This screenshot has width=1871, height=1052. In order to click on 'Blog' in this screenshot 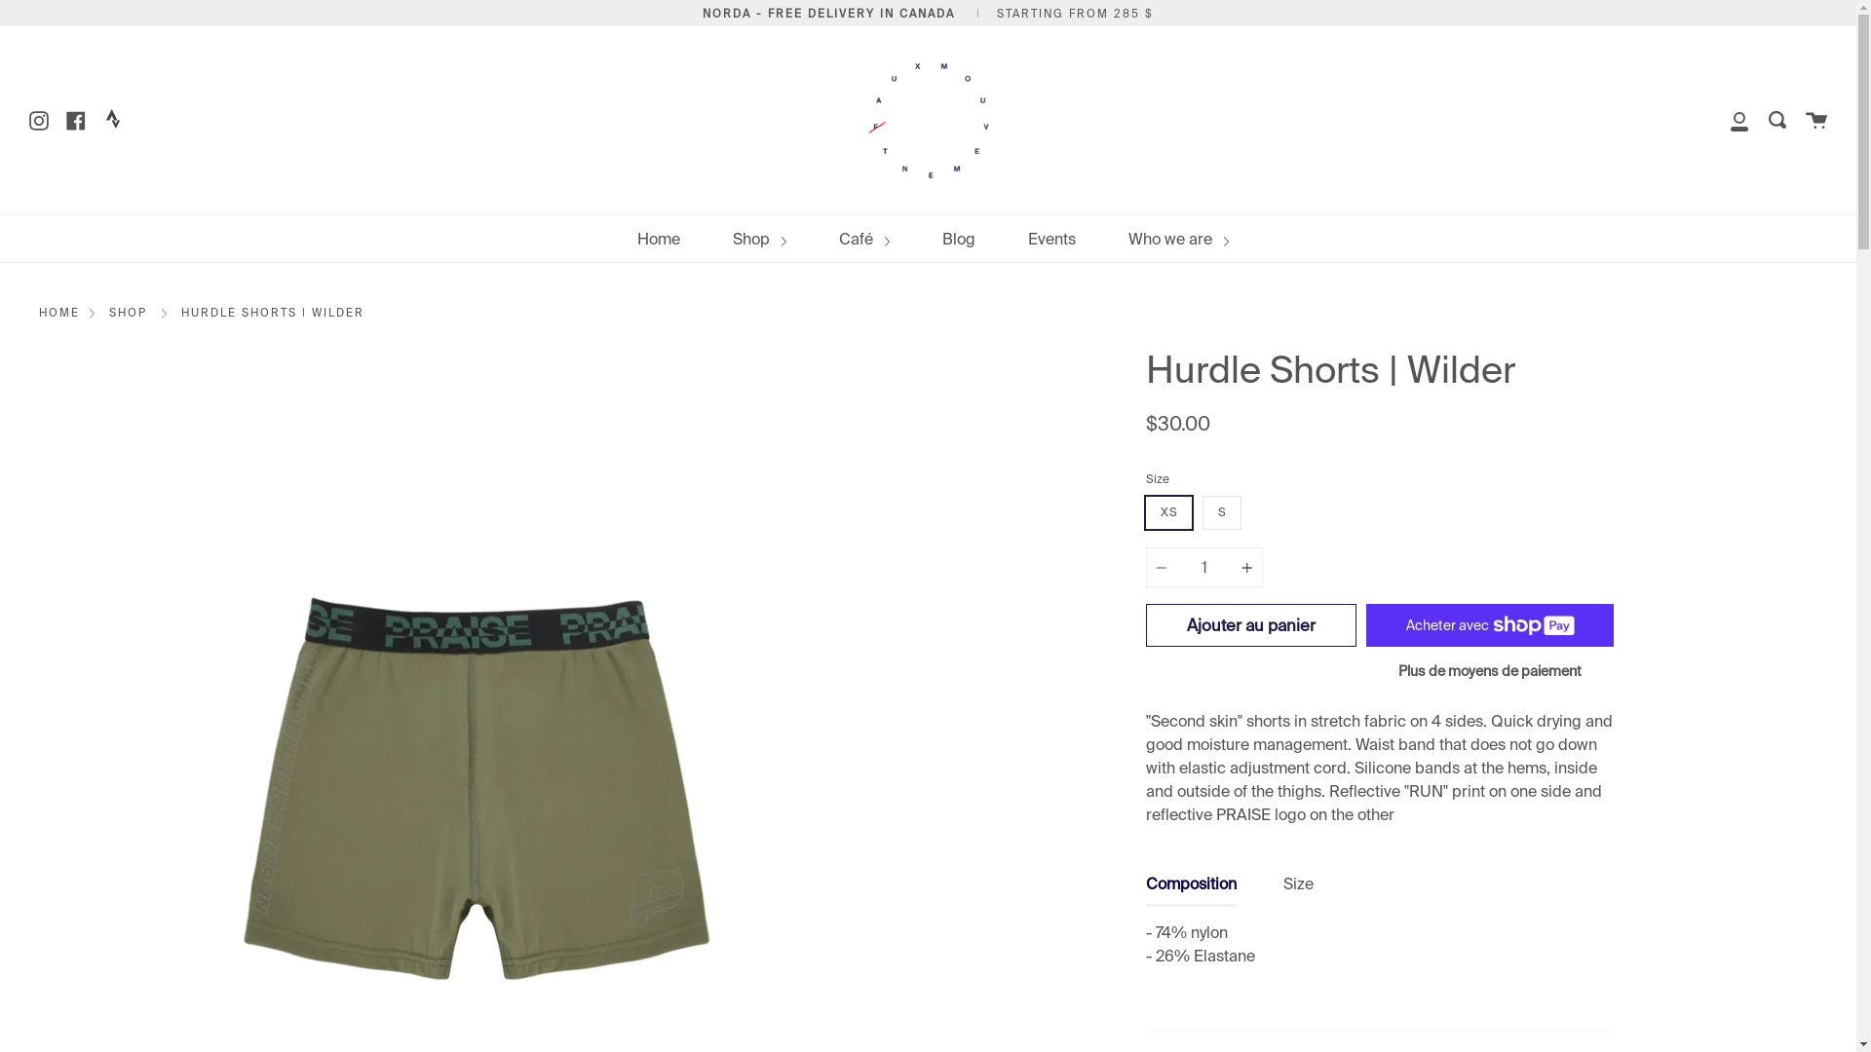, I will do `click(936, 238)`.